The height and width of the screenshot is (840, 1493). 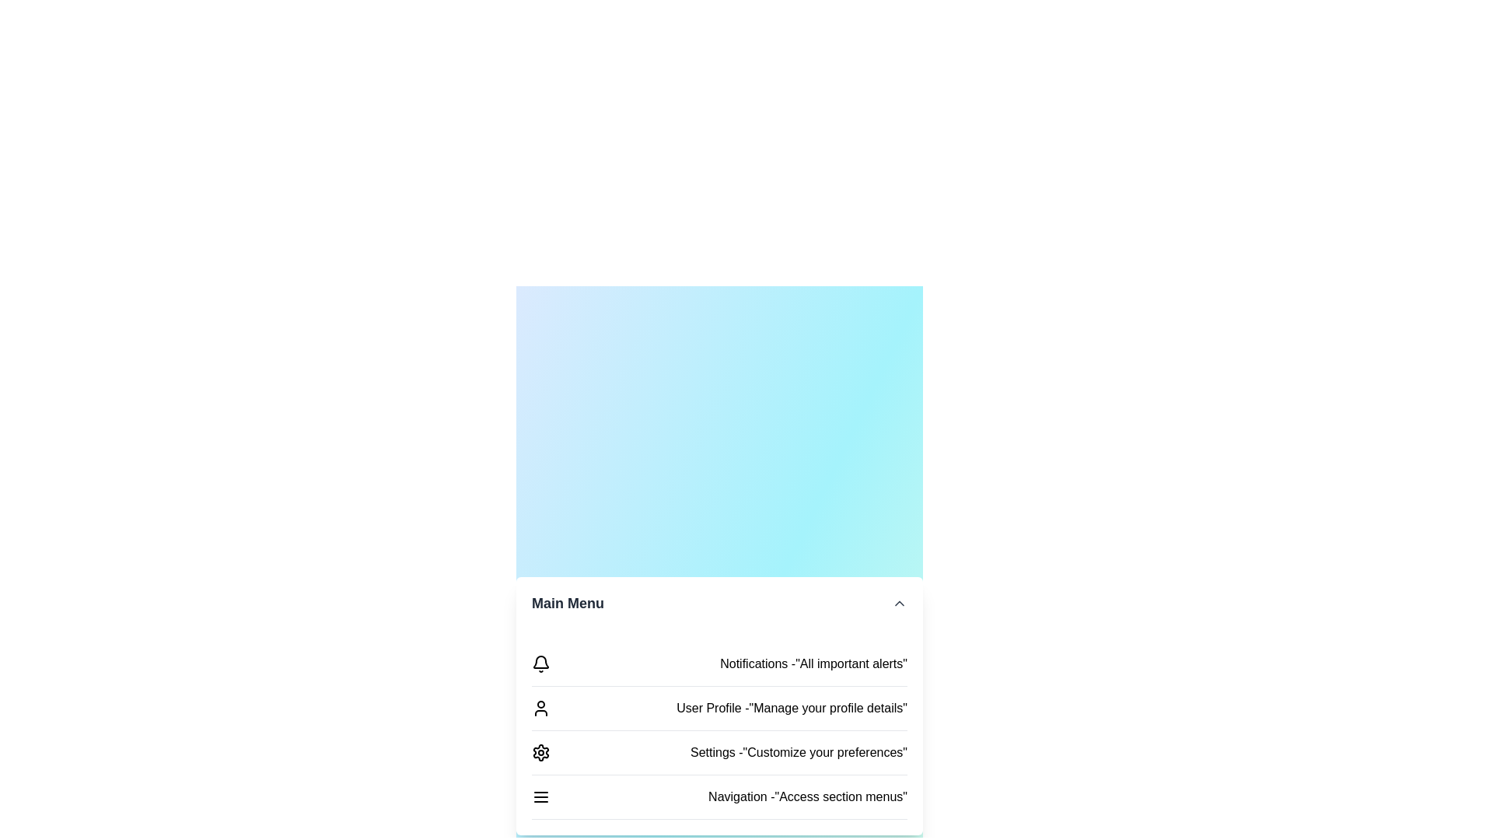 I want to click on the menu item User Profile to interact with it, so click(x=719, y=709).